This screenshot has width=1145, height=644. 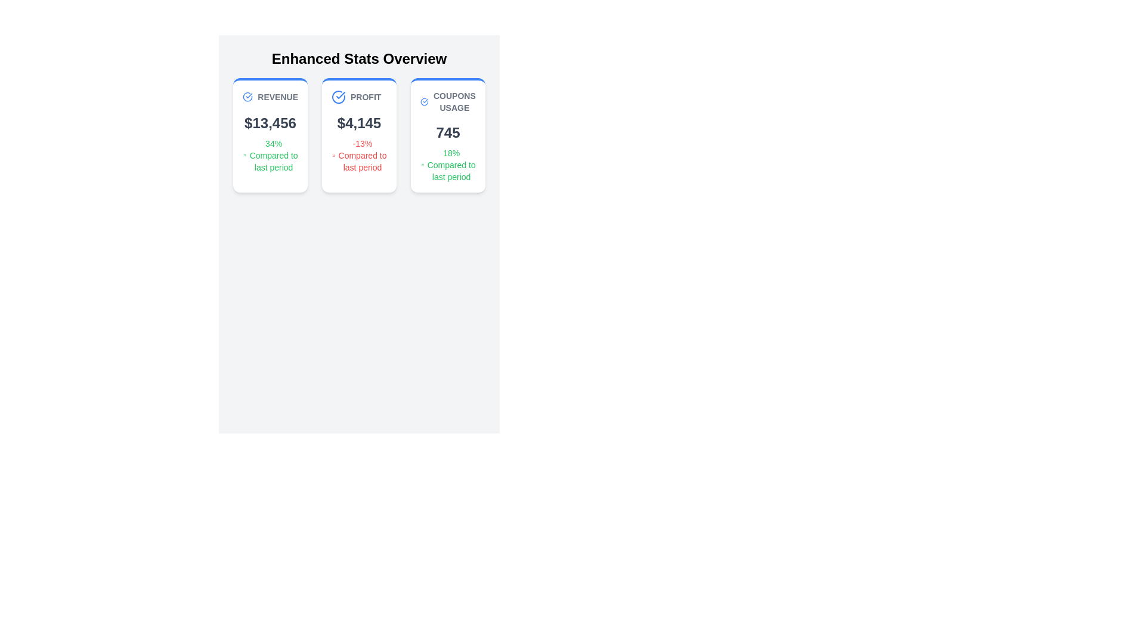 What do you see at coordinates (358, 123) in the screenshot?
I see `the static text displaying the profit value, located in the middle of the 'PROFIT' card in the 'Enhanced Stats Overview' section` at bounding box center [358, 123].